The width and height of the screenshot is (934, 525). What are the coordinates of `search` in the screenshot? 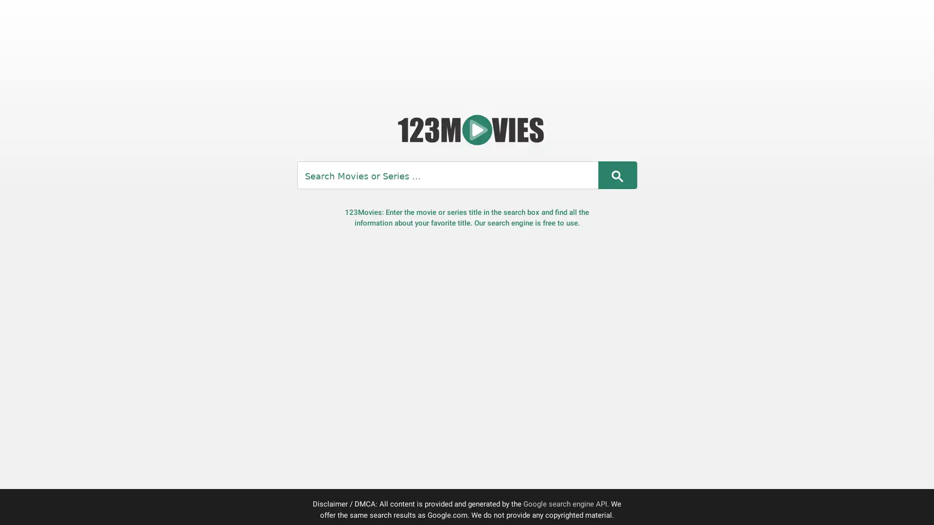 It's located at (616, 175).